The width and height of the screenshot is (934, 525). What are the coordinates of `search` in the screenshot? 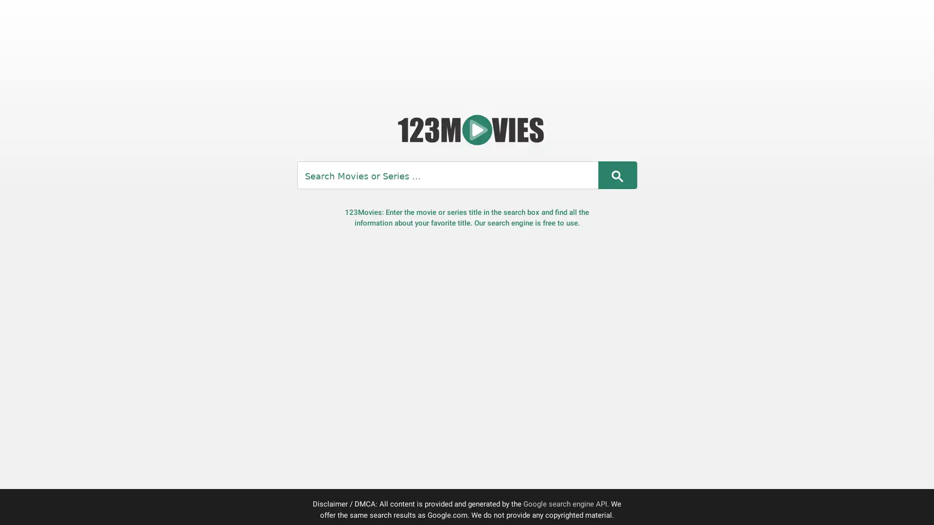 It's located at (616, 175).